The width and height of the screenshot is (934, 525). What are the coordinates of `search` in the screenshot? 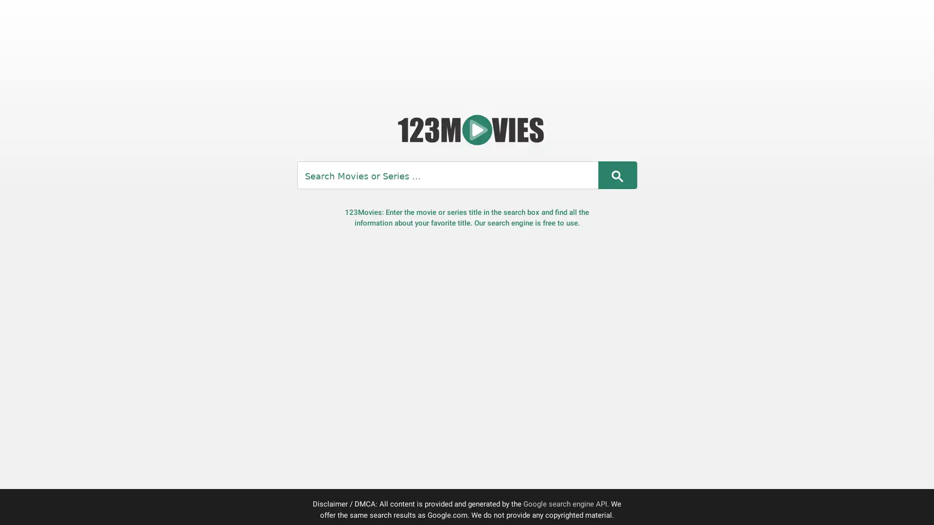 It's located at (616, 175).